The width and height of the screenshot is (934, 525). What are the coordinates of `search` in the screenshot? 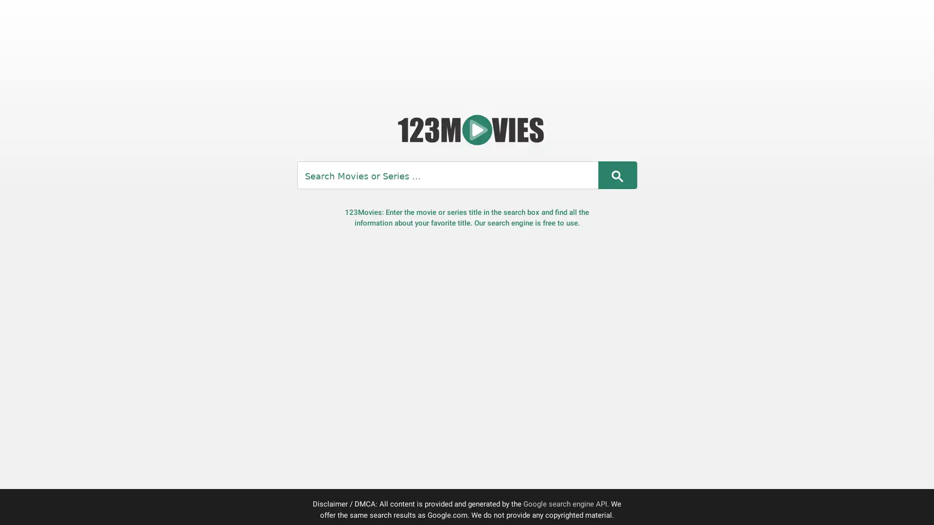 It's located at (616, 175).